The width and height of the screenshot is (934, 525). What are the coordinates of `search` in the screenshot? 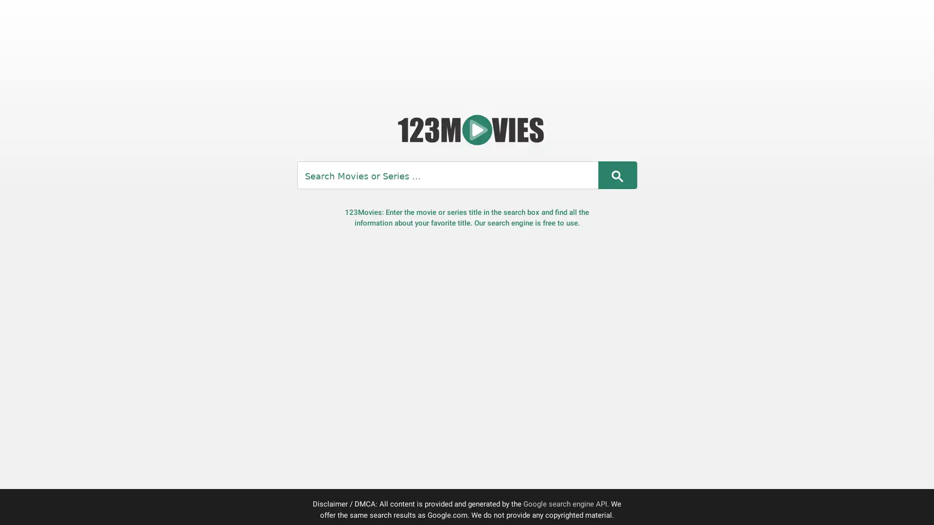 It's located at (616, 175).